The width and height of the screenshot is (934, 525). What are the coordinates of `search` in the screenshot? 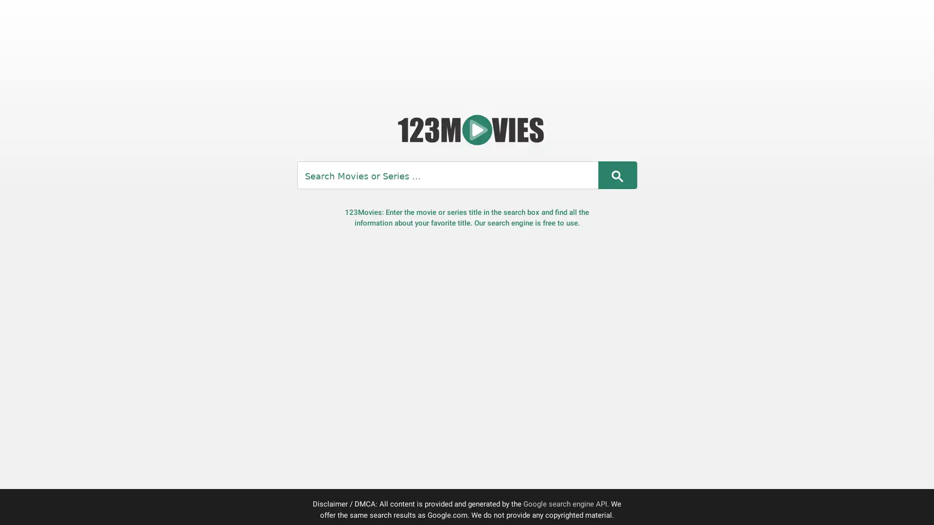 It's located at (616, 175).